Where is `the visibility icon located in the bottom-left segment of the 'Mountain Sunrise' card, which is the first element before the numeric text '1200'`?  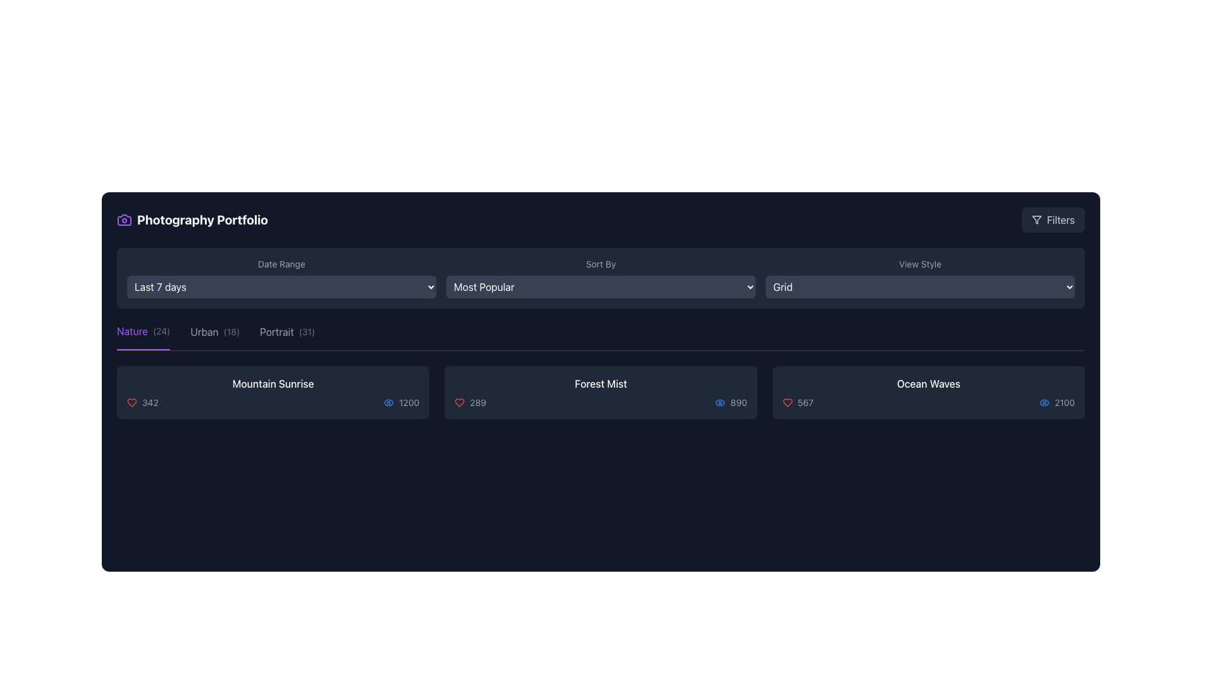
the visibility icon located in the bottom-left segment of the 'Mountain Sunrise' card, which is the first element before the numeric text '1200' is located at coordinates (388, 402).